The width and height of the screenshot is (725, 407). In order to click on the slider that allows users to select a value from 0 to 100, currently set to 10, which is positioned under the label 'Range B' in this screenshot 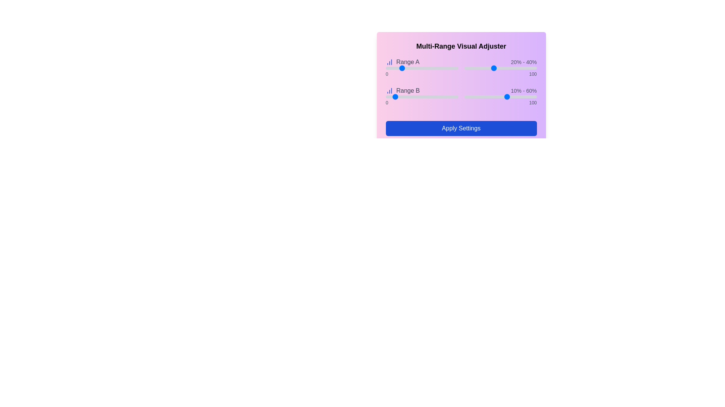, I will do `click(421, 96)`.